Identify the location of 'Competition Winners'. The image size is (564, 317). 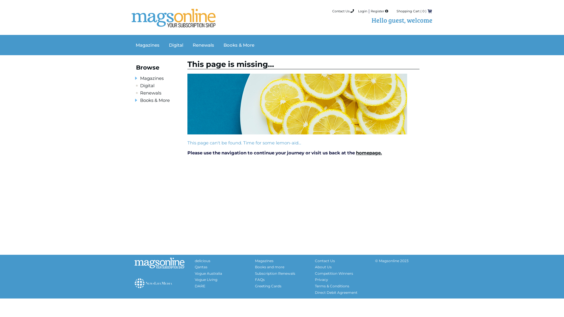
(334, 273).